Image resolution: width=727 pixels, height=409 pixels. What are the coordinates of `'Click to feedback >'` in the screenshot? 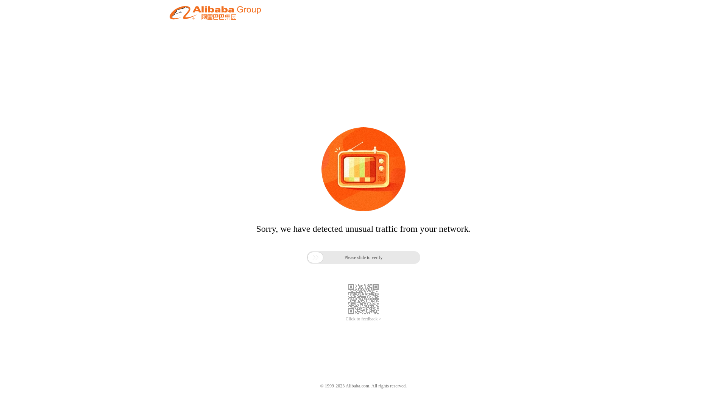 It's located at (363, 319).